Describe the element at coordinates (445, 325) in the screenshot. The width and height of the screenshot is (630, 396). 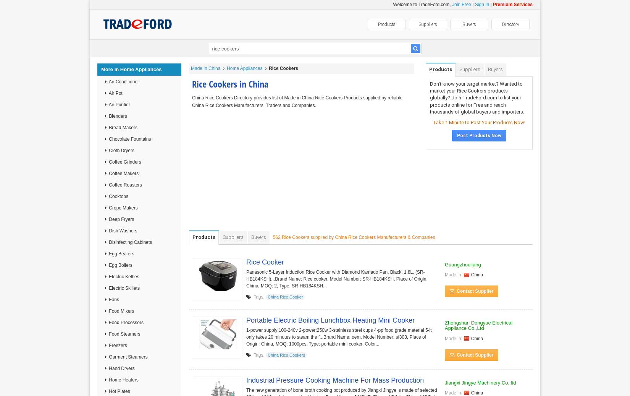
I see `'Zhongshan Dongyue Electrical Appliance Co.,Ltd'` at that location.